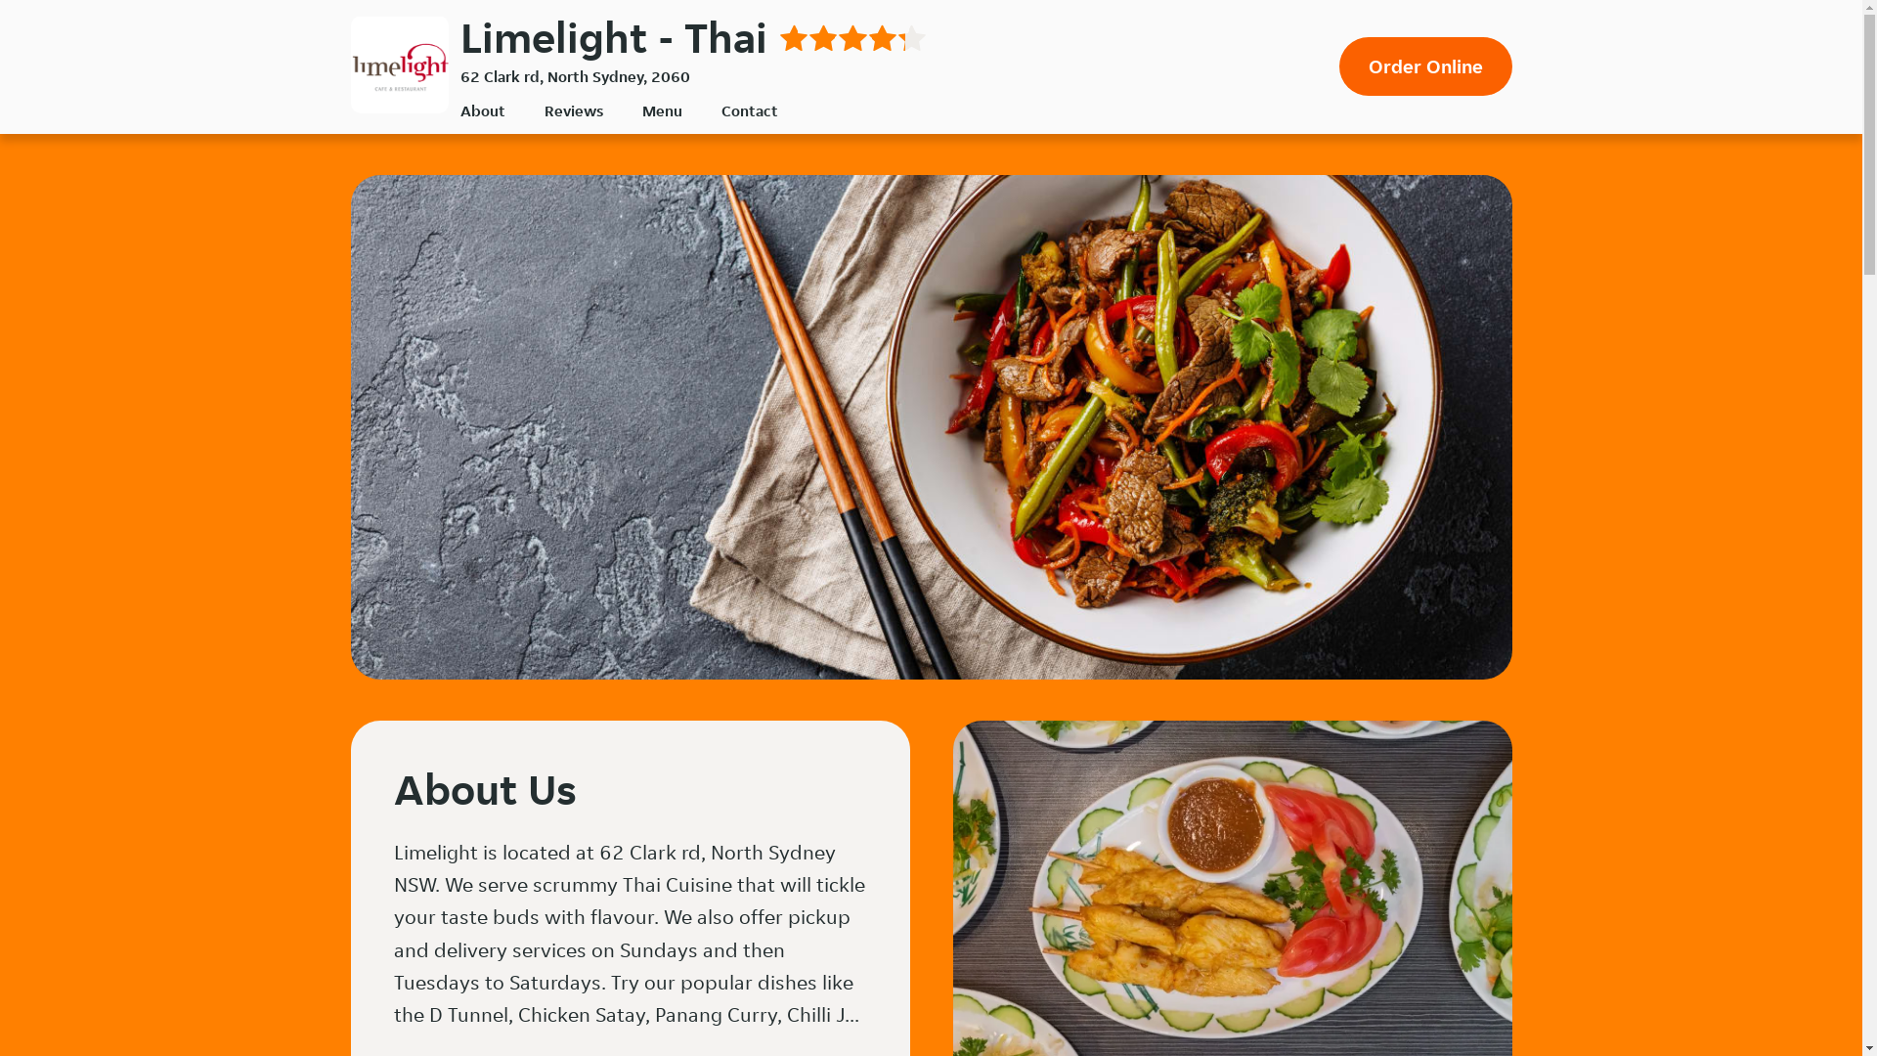  Describe the element at coordinates (571, 110) in the screenshot. I see `'Reviews'` at that location.